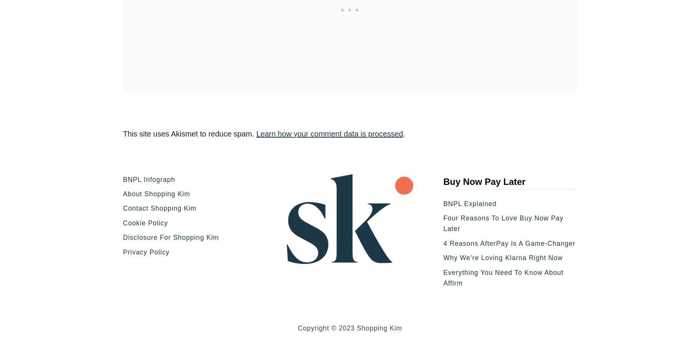 This screenshot has height=349, width=700. I want to click on 'Buy Now Pay Later', so click(484, 181).